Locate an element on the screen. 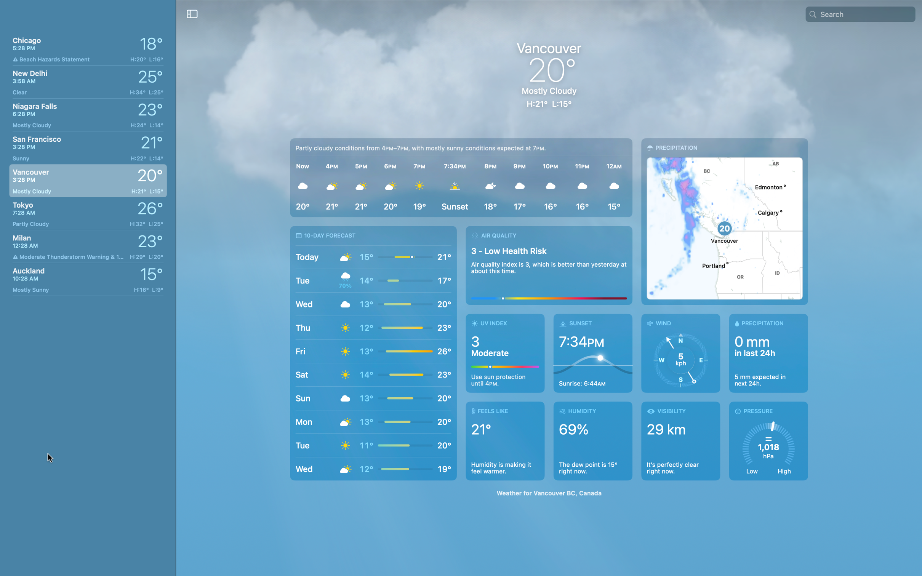 Image resolution: width=922 pixels, height=576 pixels. Check the prevailing weather at Niagara Falls is located at coordinates (87, 113).